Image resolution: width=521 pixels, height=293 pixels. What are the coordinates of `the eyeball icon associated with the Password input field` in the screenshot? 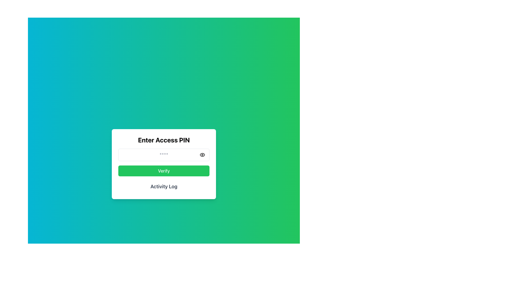 It's located at (164, 155).